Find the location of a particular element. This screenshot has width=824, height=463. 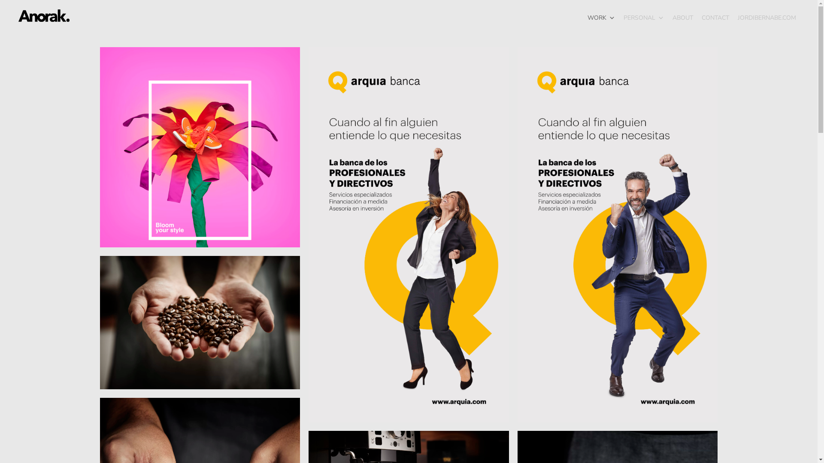

'CONTACT' is located at coordinates (715, 18).